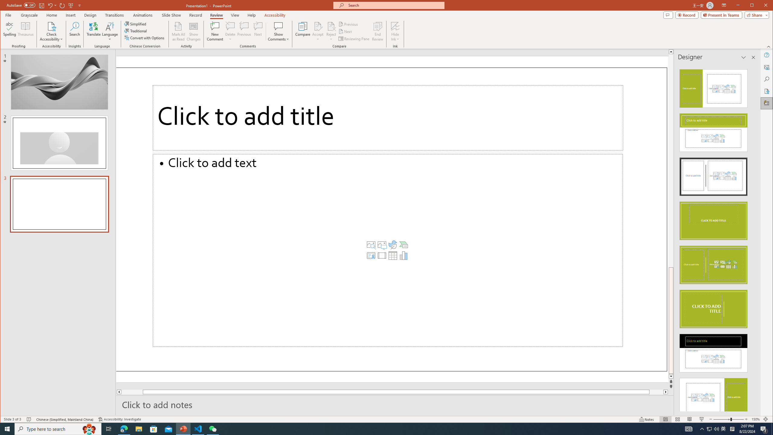  I want to click on 'Mark All as Read', so click(178, 31).